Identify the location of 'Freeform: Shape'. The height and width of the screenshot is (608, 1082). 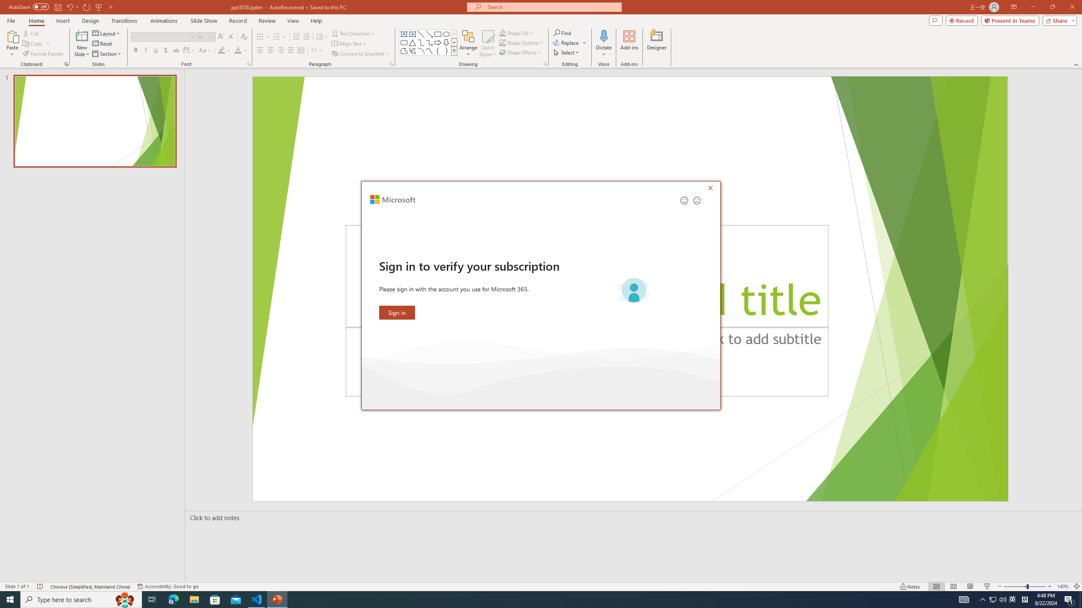
(404, 50).